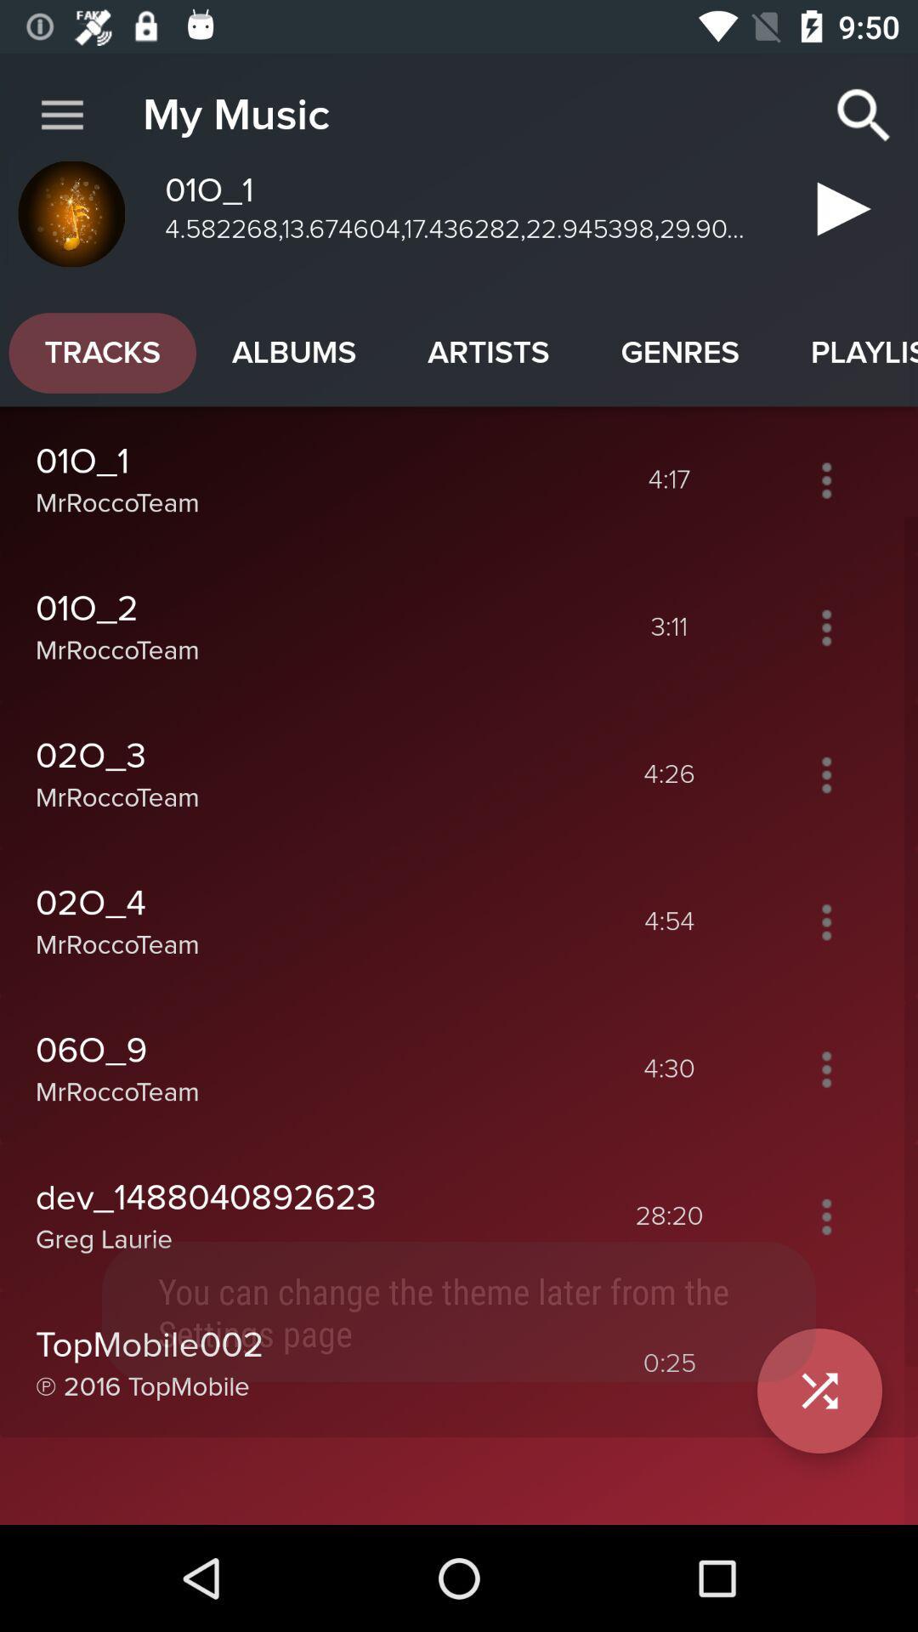 The height and width of the screenshot is (1632, 918). I want to click on open options, so click(825, 921).